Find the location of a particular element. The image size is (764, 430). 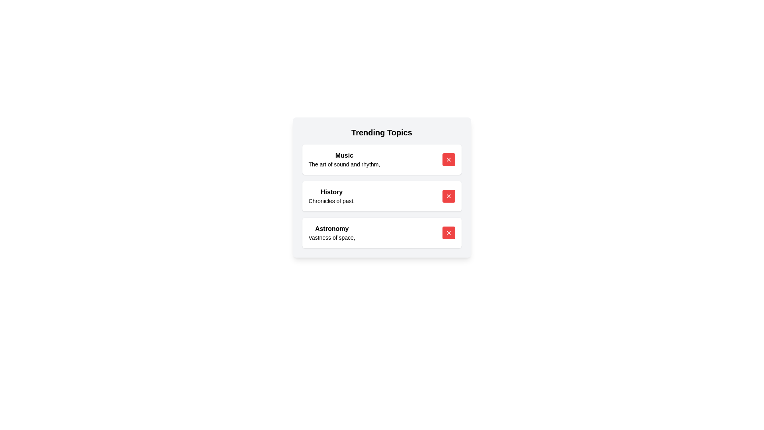

remove button next to the topic Music to delete it is located at coordinates (448, 160).